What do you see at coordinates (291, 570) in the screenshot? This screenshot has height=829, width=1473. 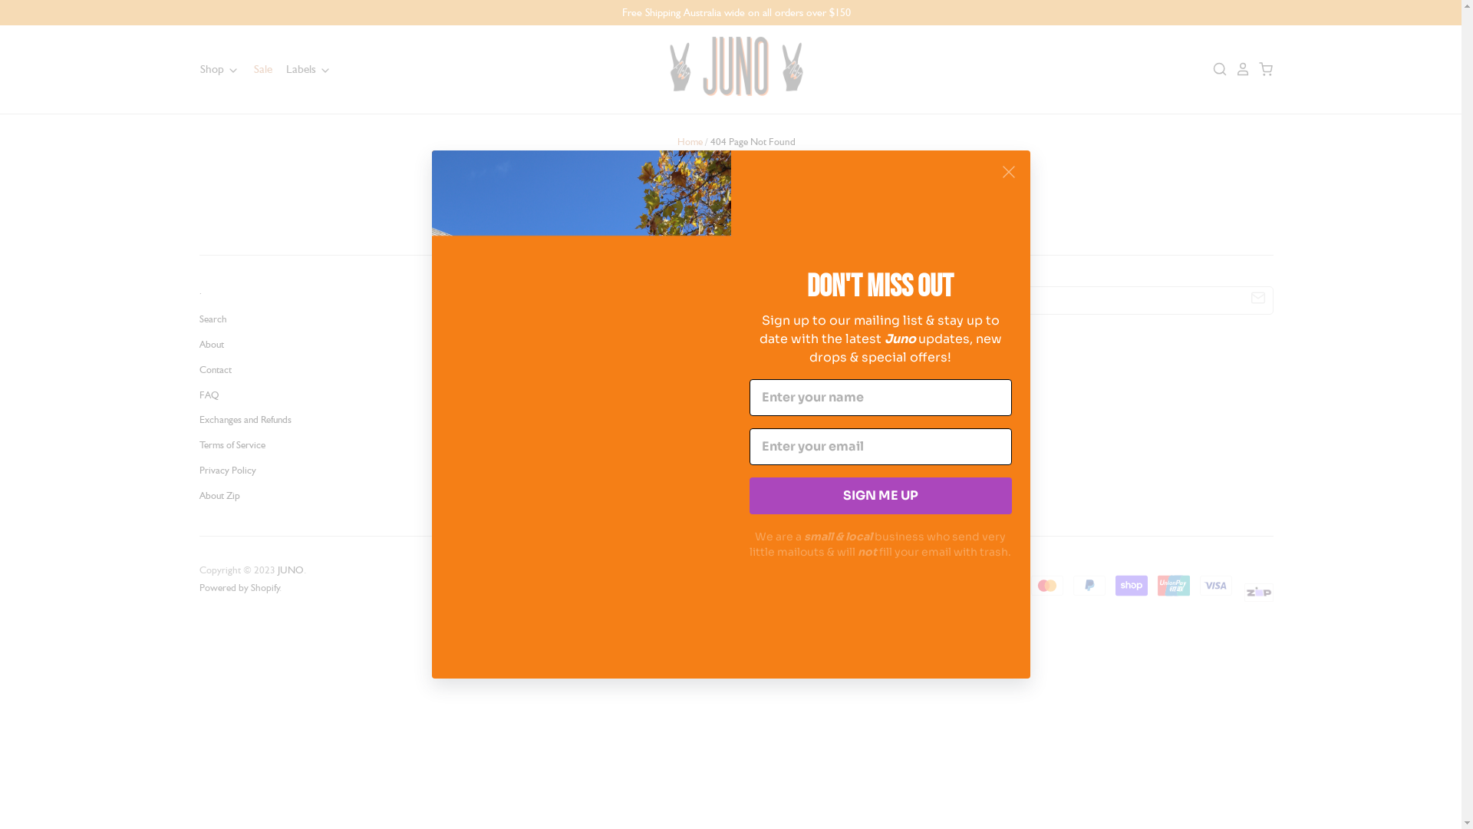 I see `'JUNO'` at bounding box center [291, 570].